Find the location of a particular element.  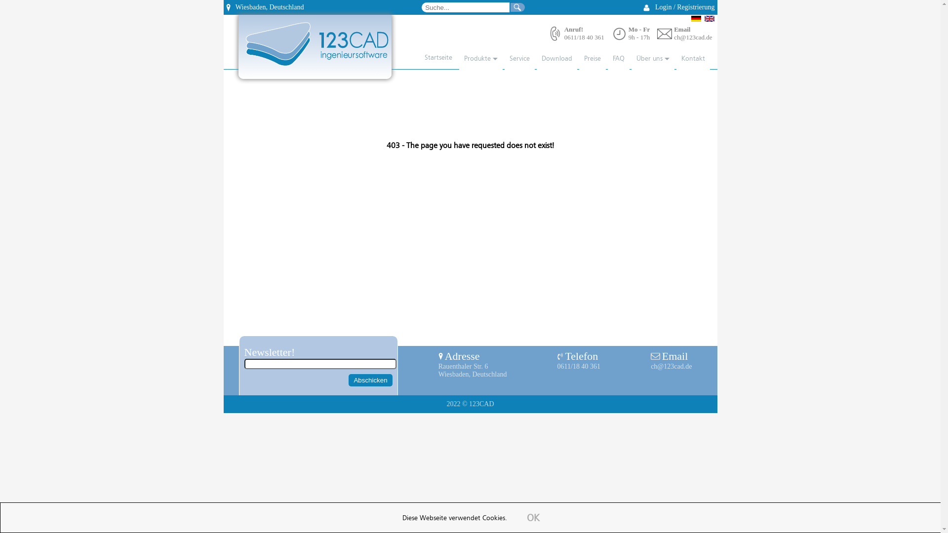

'Preise' is located at coordinates (592, 59).